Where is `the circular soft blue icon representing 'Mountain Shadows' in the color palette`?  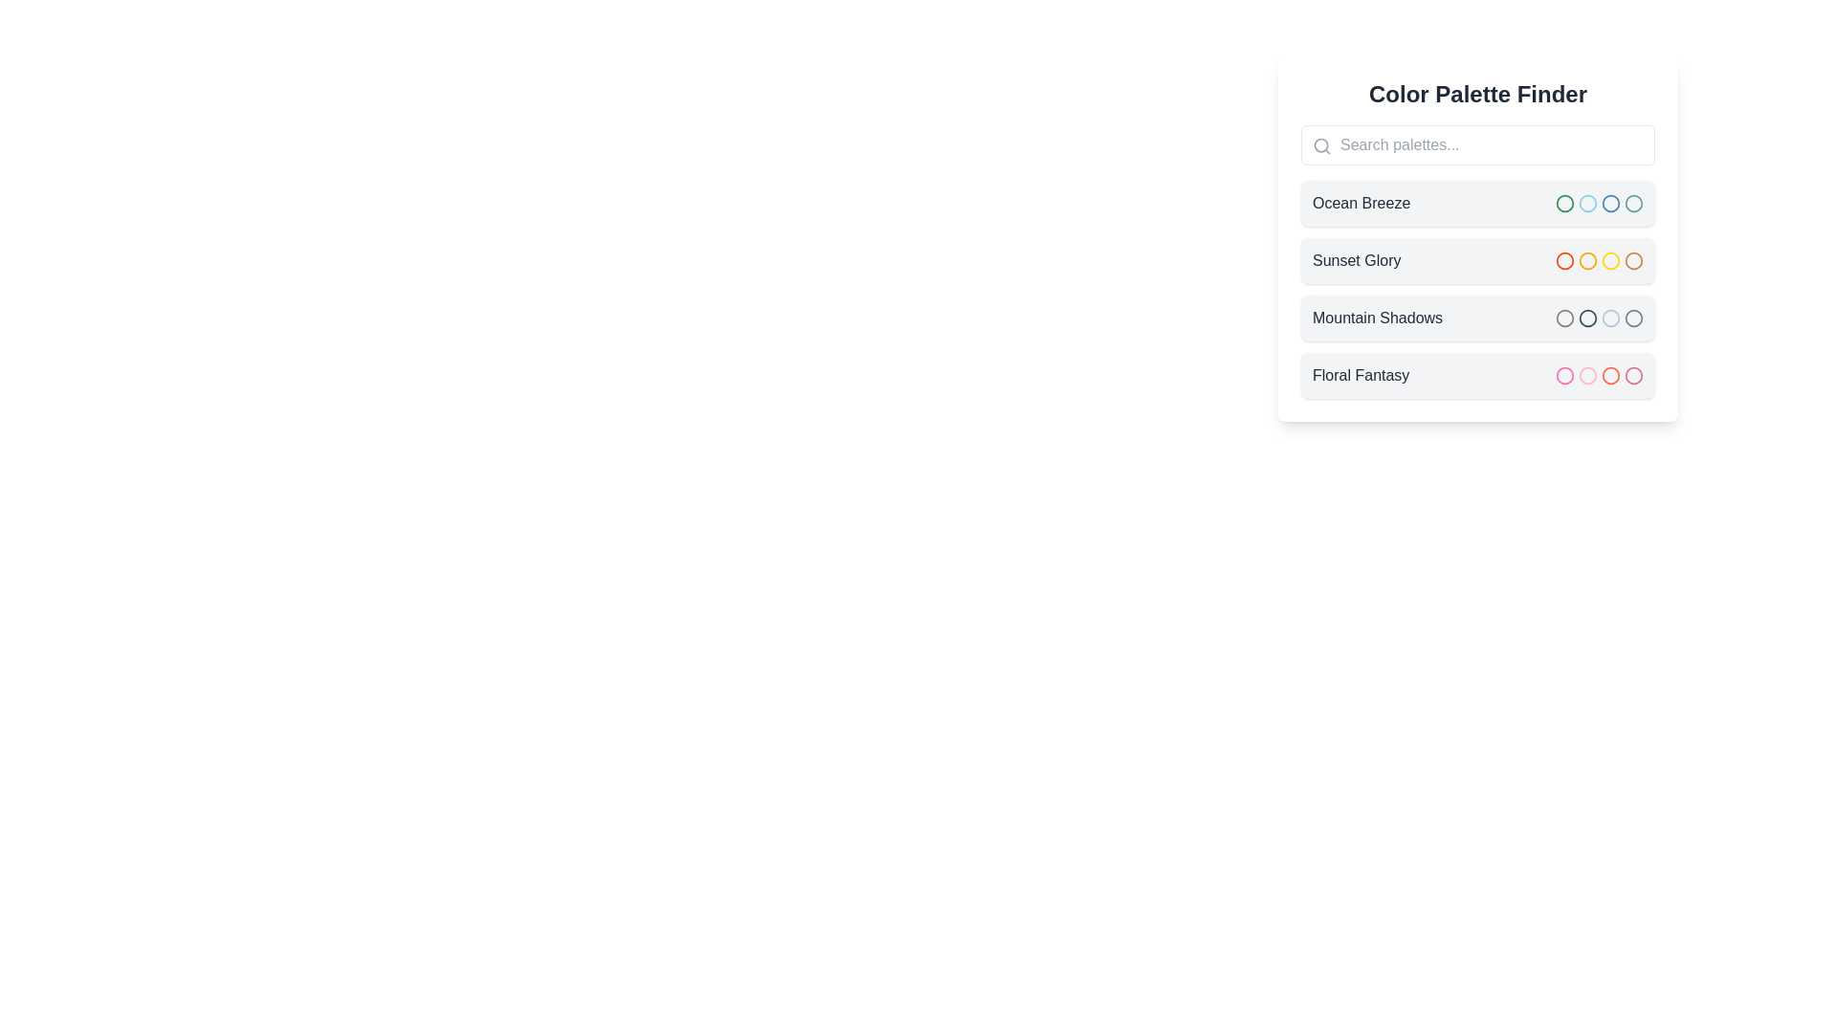
the circular soft blue icon representing 'Mountain Shadows' in the color palette is located at coordinates (1610, 317).